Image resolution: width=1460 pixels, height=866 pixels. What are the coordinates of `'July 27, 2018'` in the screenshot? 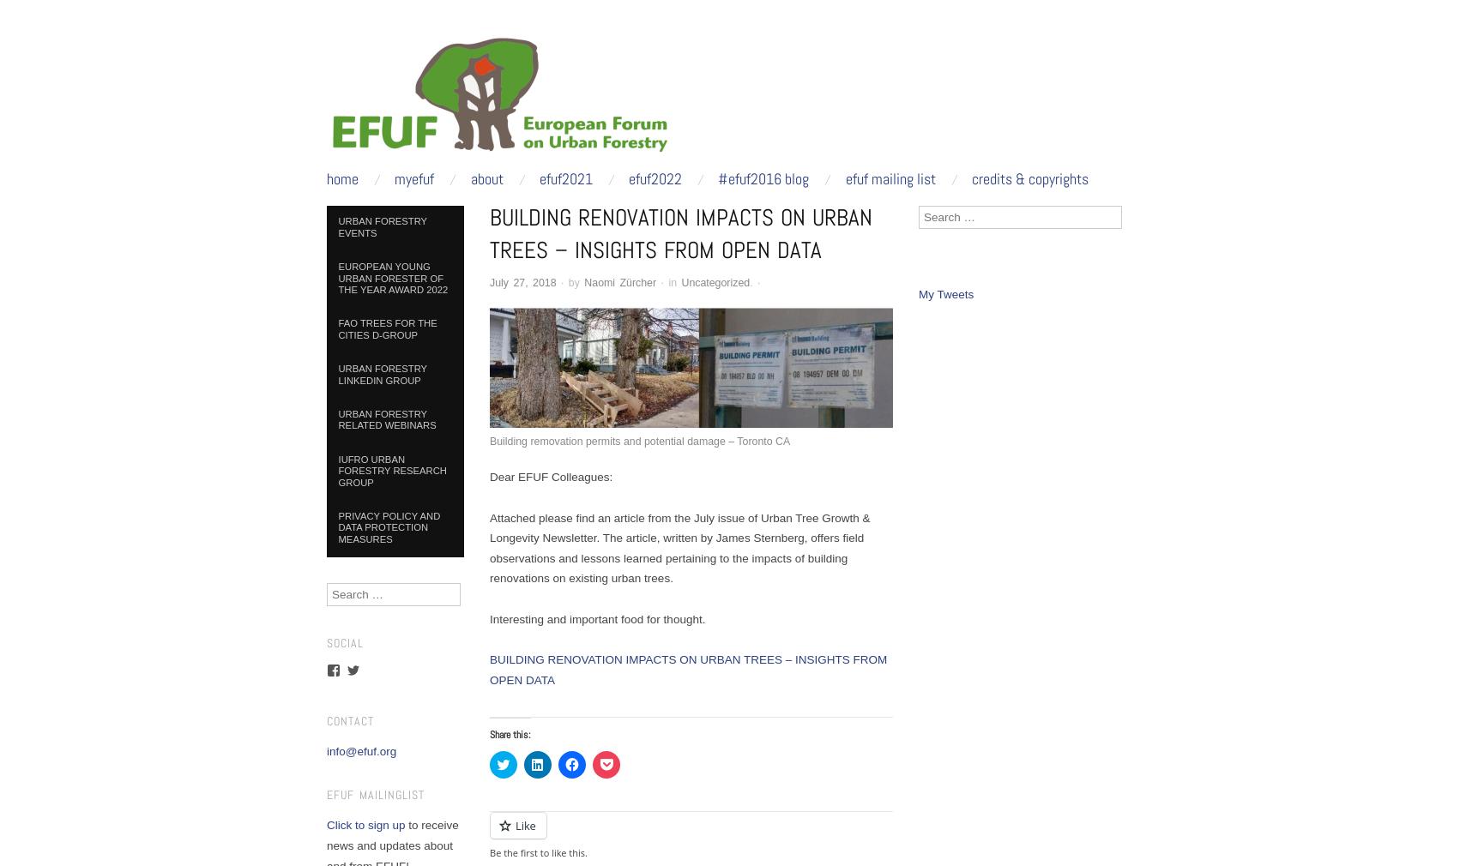 It's located at (522, 281).